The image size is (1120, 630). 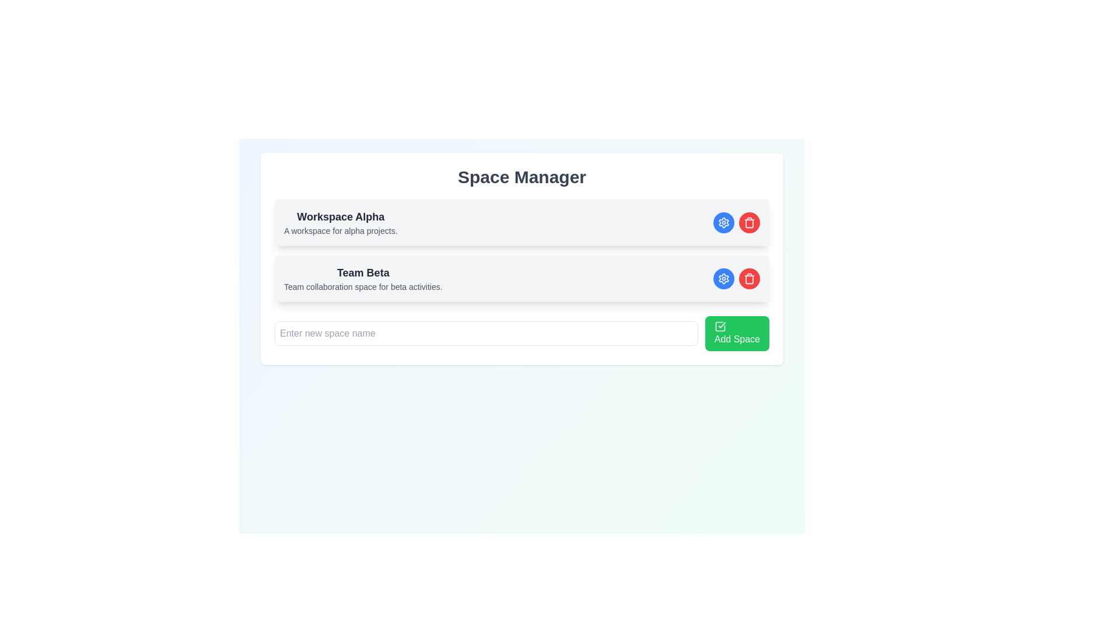 I want to click on the blue gear-shaped icon located to the right of the 'Team Beta' label, so click(x=723, y=222).